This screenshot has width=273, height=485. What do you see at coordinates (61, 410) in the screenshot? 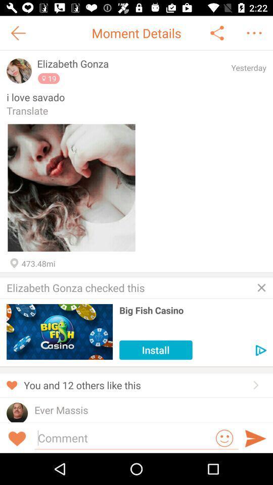
I see `ever massis` at bounding box center [61, 410].